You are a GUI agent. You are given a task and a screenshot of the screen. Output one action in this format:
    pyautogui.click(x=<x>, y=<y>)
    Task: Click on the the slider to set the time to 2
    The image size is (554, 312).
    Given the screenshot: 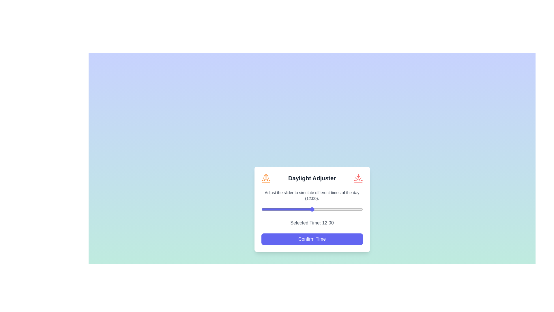 What is the action you would take?
    pyautogui.click(x=269, y=209)
    